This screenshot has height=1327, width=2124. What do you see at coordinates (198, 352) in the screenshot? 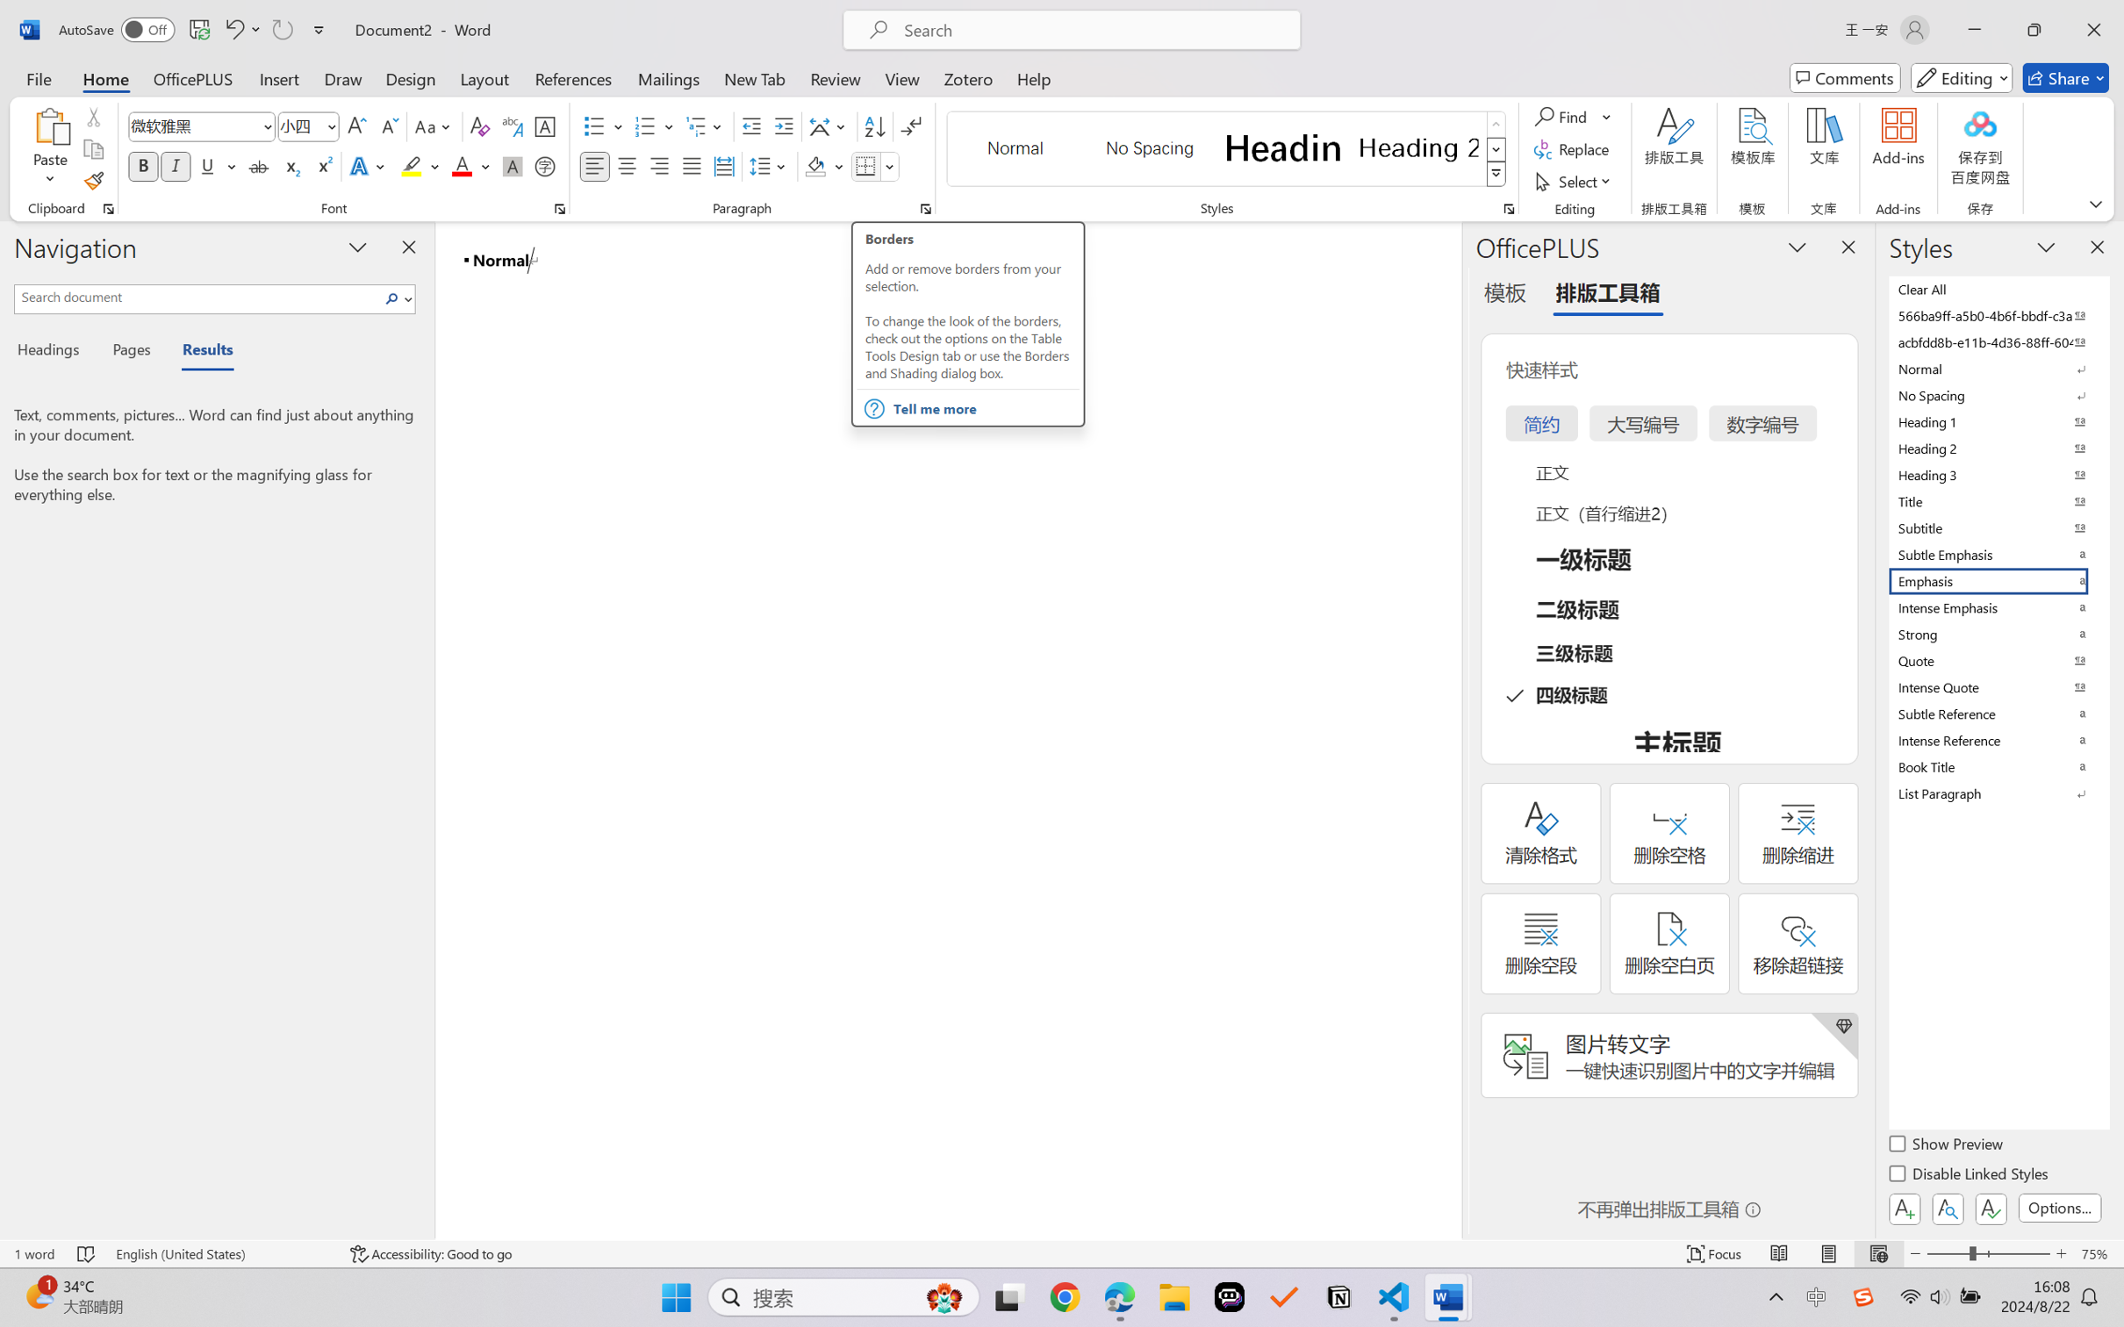
I see `'Results'` at bounding box center [198, 352].